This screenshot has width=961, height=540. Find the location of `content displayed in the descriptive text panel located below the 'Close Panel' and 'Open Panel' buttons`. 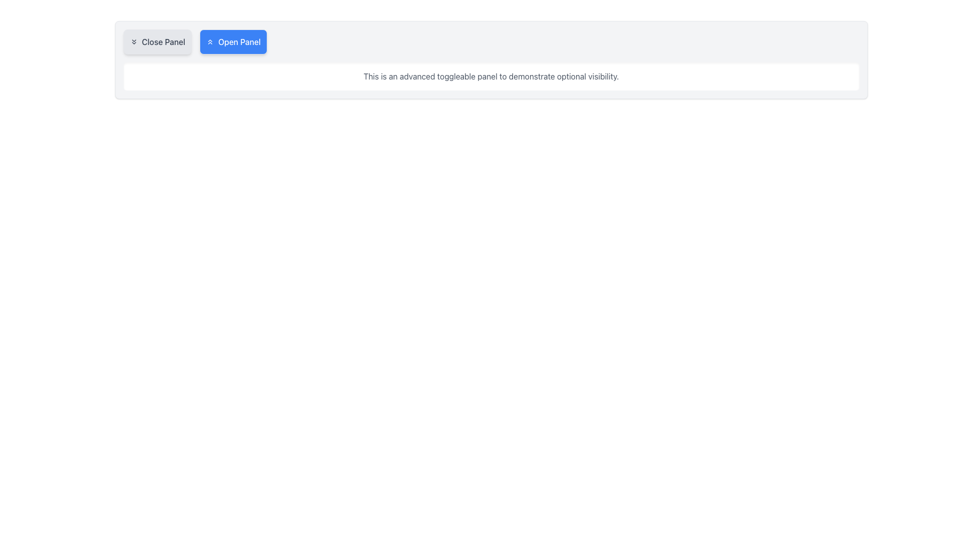

content displayed in the descriptive text panel located below the 'Close Panel' and 'Open Panel' buttons is located at coordinates (491, 76).